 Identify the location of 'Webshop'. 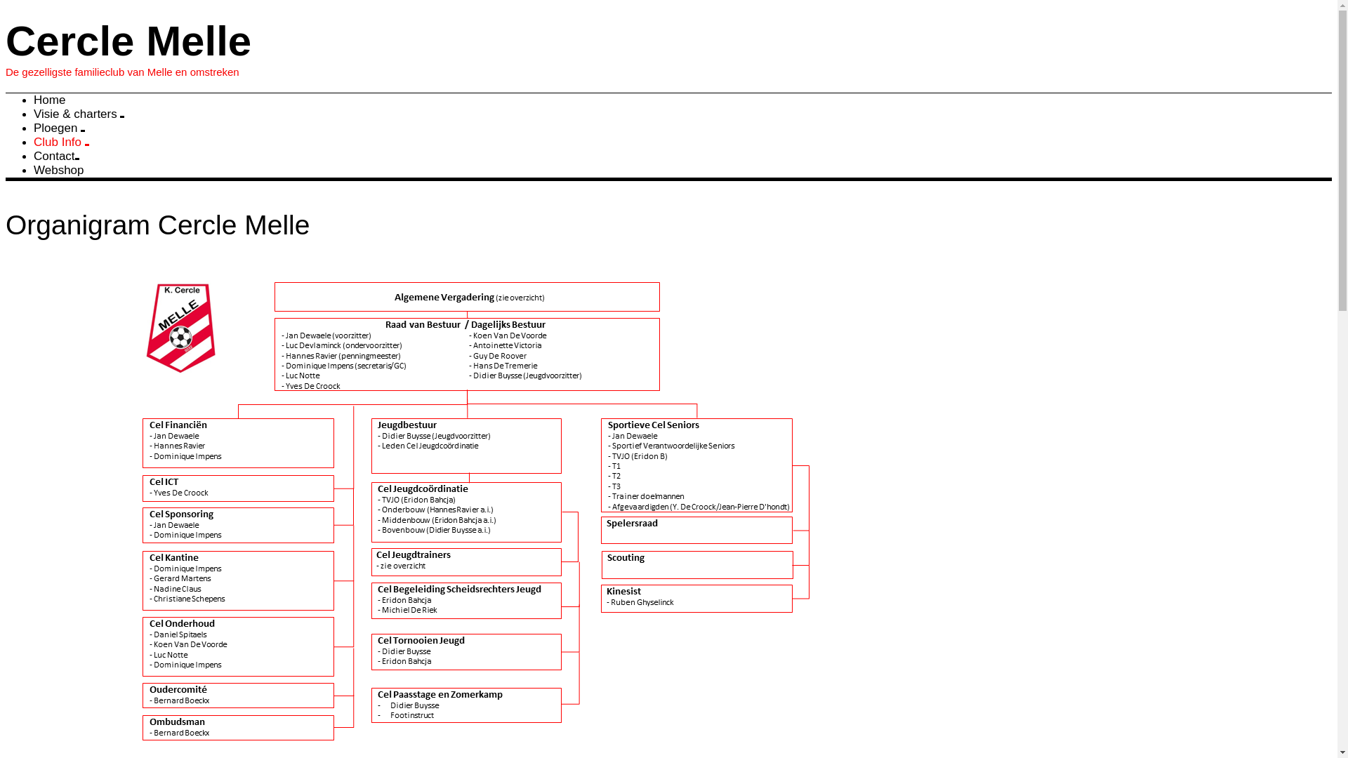
(58, 169).